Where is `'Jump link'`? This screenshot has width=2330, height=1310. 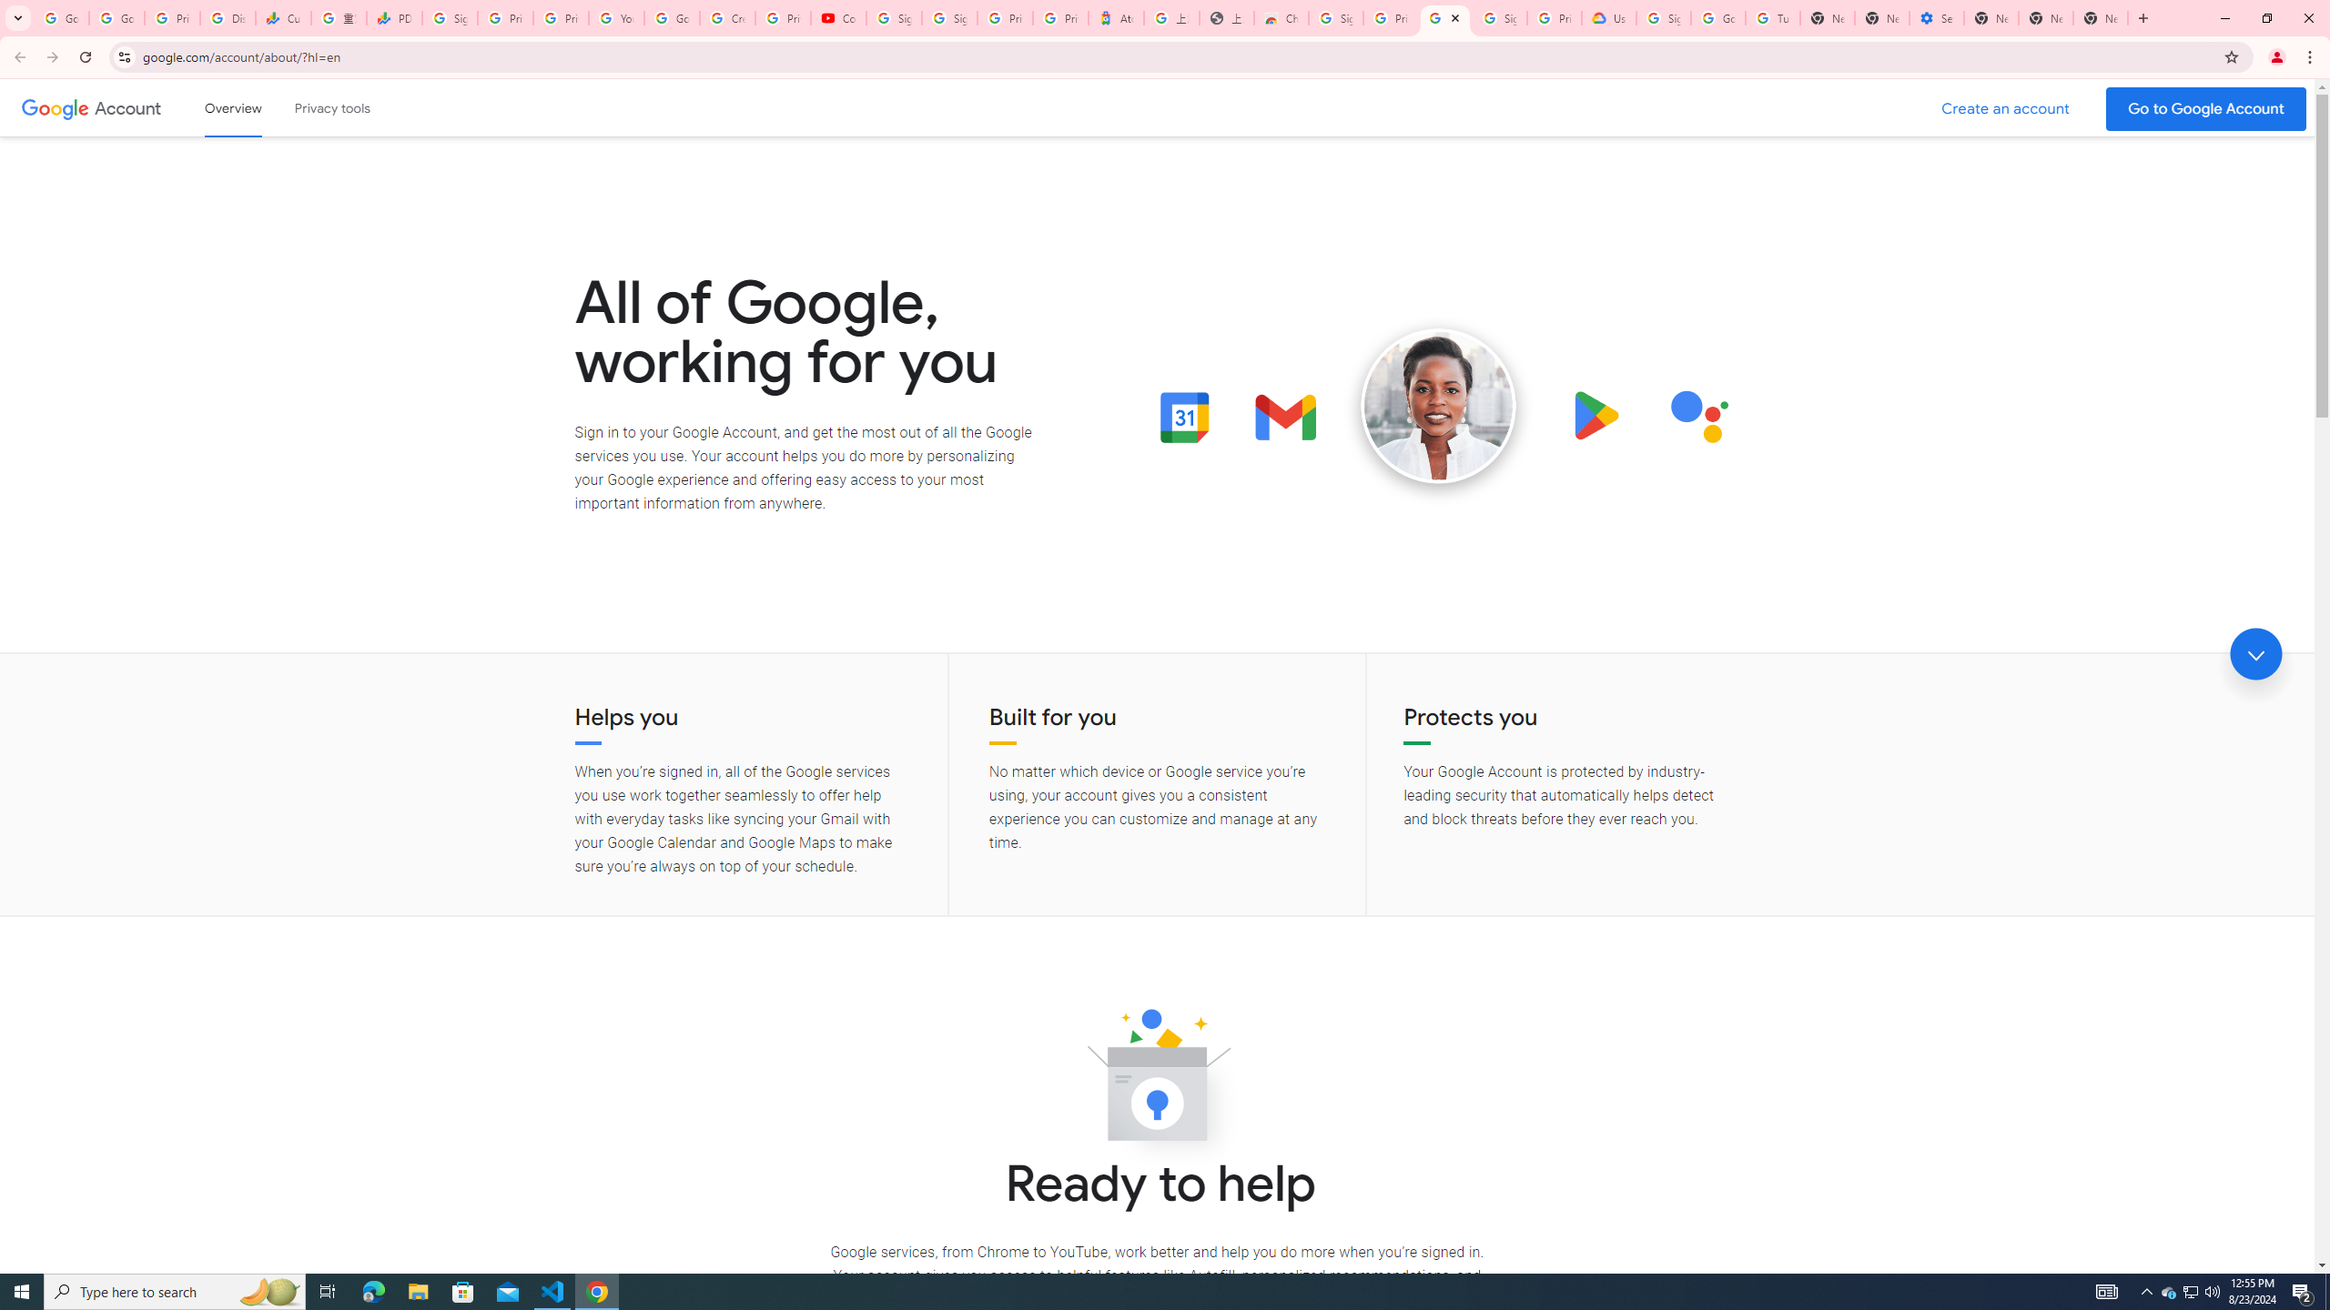
'Jump link' is located at coordinates (2255, 654).